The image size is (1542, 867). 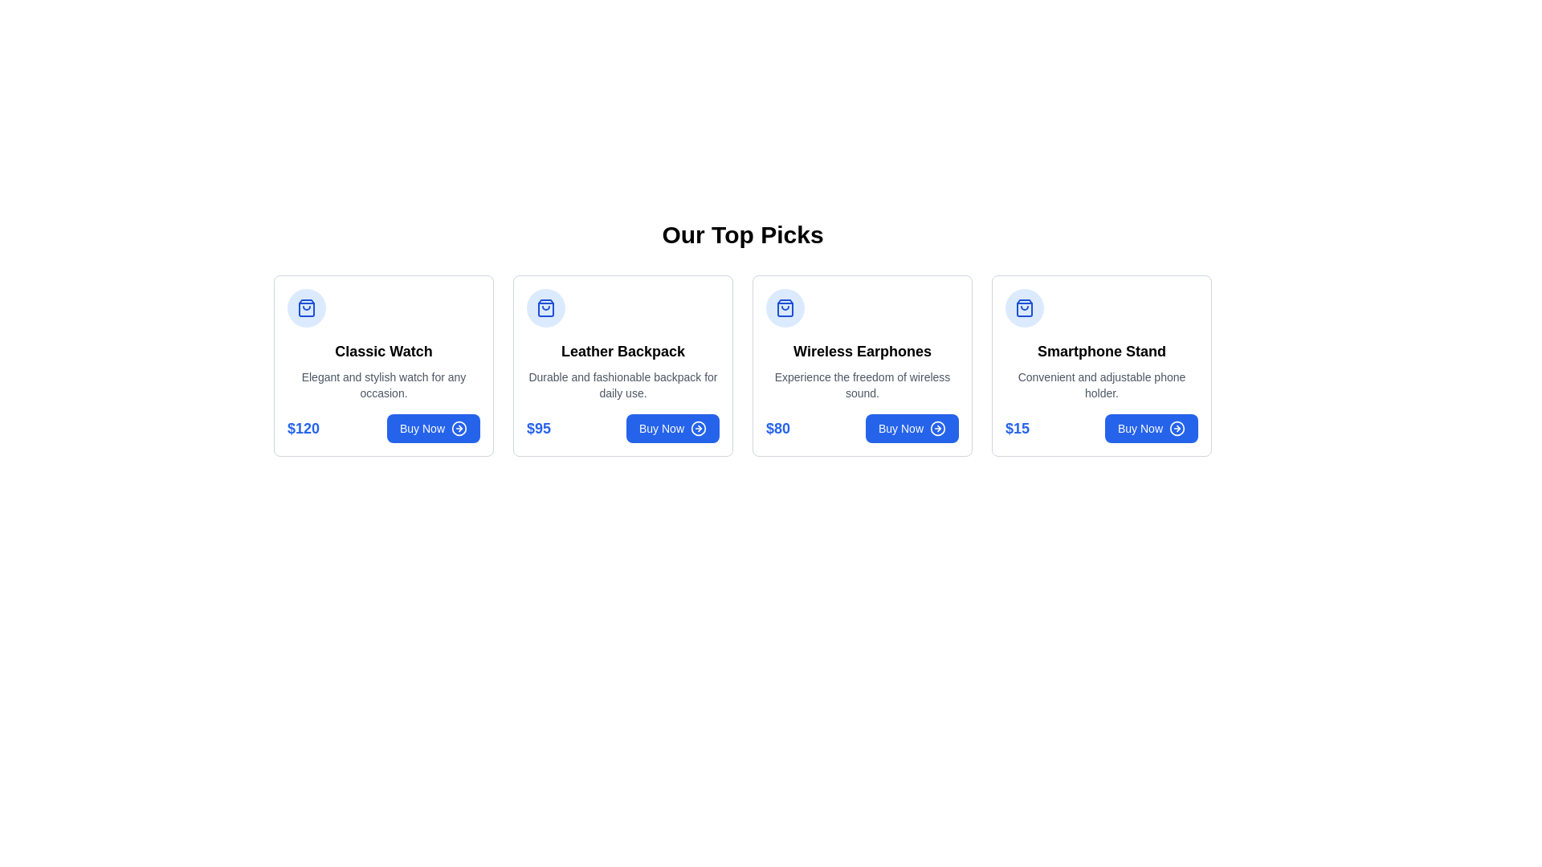 What do you see at coordinates (862, 385) in the screenshot?
I see `the descriptive text element located below 'Wireless Earphones' in the third card from the left` at bounding box center [862, 385].